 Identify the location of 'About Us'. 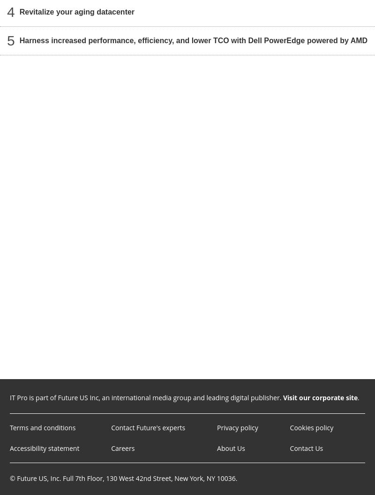
(231, 448).